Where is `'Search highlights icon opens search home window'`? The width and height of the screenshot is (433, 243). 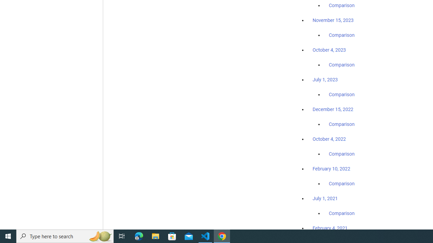 'Search highlights icon opens search home window' is located at coordinates (99, 236).